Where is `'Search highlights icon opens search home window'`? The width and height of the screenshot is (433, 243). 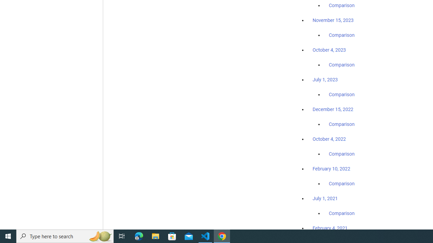 'Search highlights icon opens search home window' is located at coordinates (99, 236).